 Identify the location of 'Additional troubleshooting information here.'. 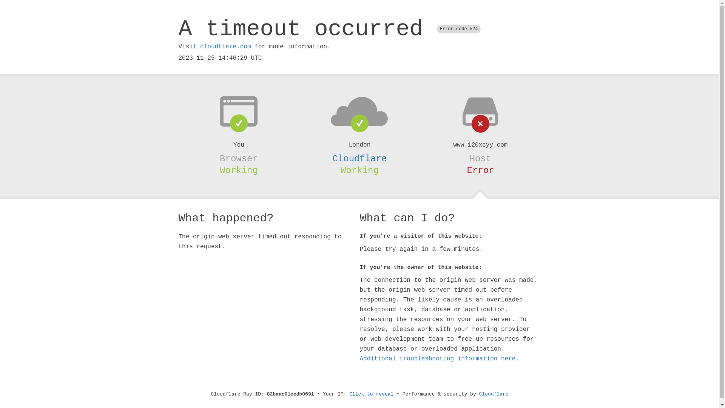
(439, 358).